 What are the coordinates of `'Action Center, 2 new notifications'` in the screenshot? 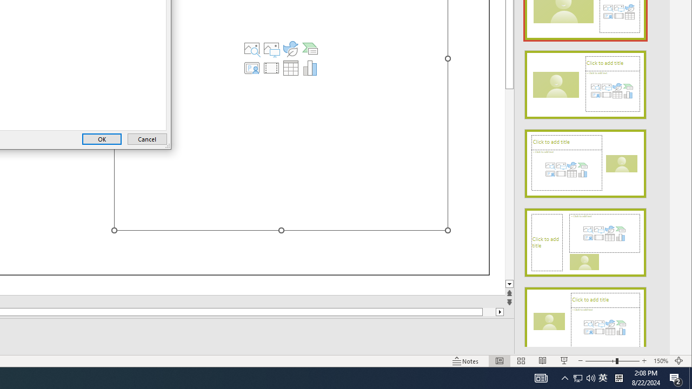 It's located at (676, 377).